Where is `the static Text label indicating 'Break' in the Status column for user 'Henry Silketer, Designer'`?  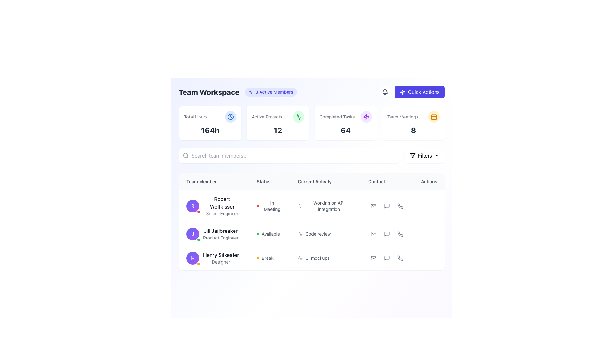
the static Text label indicating 'Break' in the Status column for user 'Henry Silketer, Designer' is located at coordinates (268, 258).